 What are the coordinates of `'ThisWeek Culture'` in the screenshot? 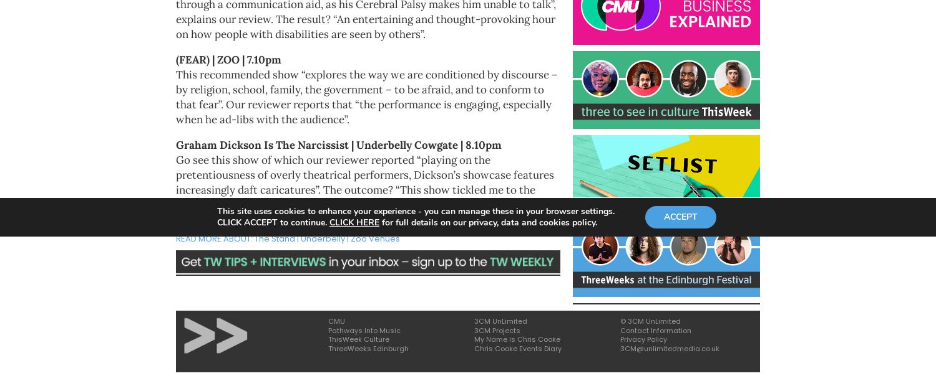 It's located at (328, 339).